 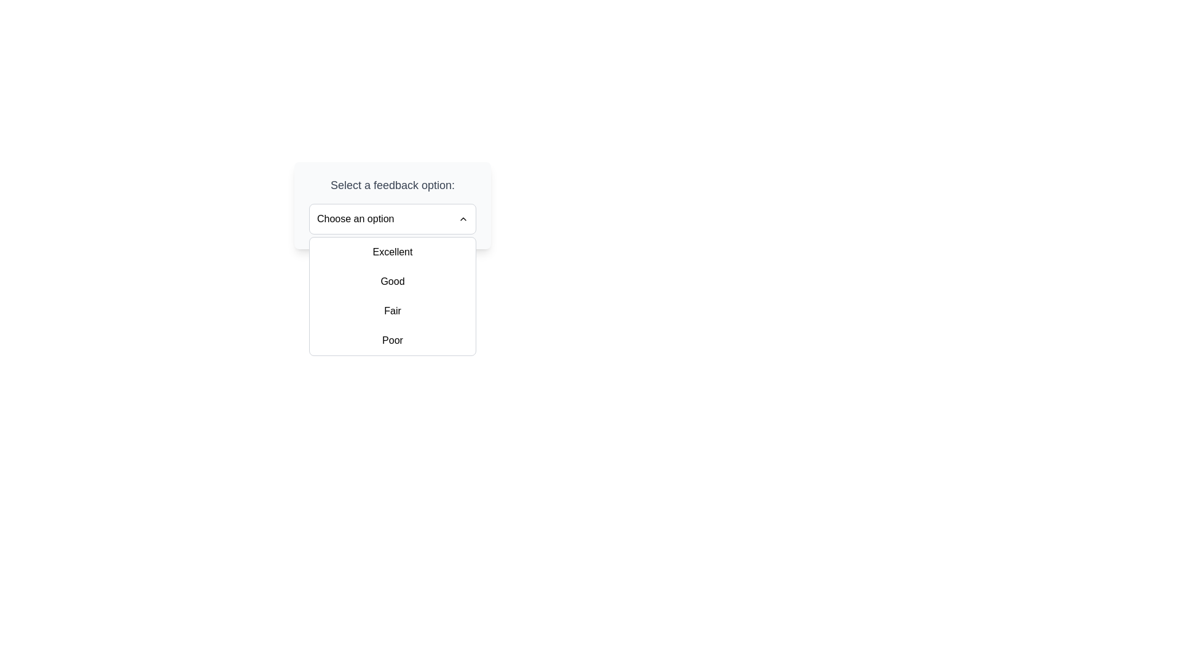 What do you see at coordinates (391, 185) in the screenshot?
I see `the static text label that provides instructions for selecting a feedback option from the dropdown menu, located directly above the dropdown` at bounding box center [391, 185].